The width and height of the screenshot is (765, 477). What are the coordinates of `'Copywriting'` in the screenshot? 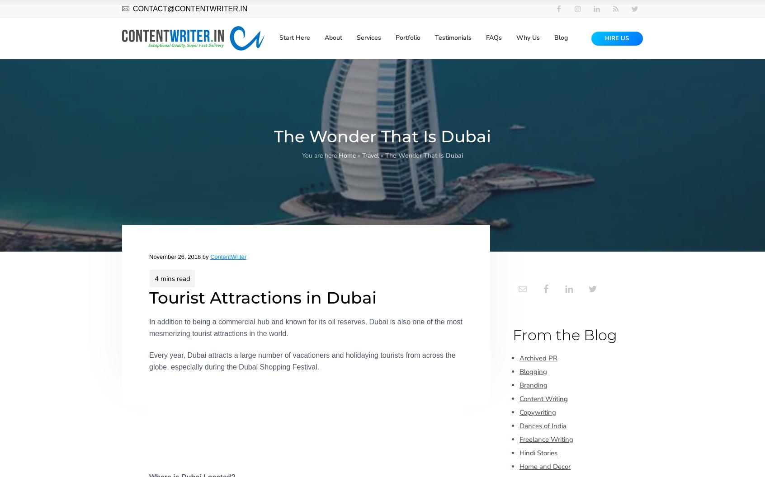 It's located at (537, 411).